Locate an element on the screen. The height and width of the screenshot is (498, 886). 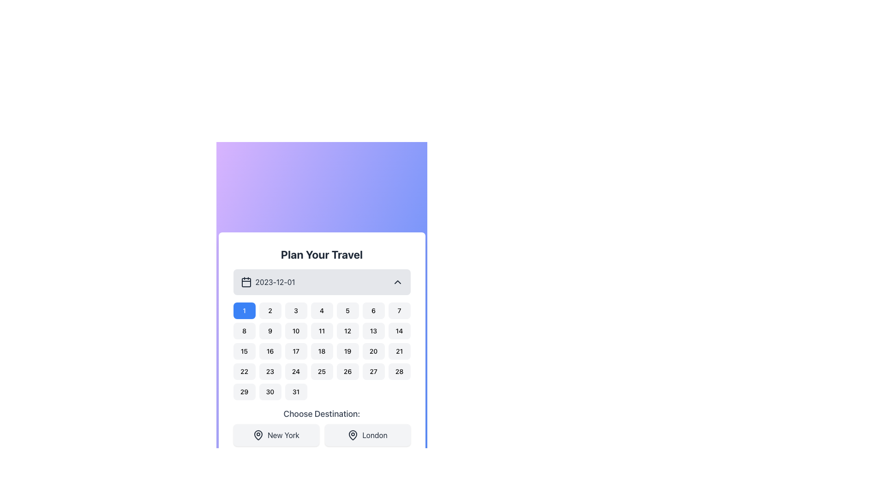
the calendar date button displaying '28' located in the bottom-right corner of the date grid is located at coordinates (399, 371).